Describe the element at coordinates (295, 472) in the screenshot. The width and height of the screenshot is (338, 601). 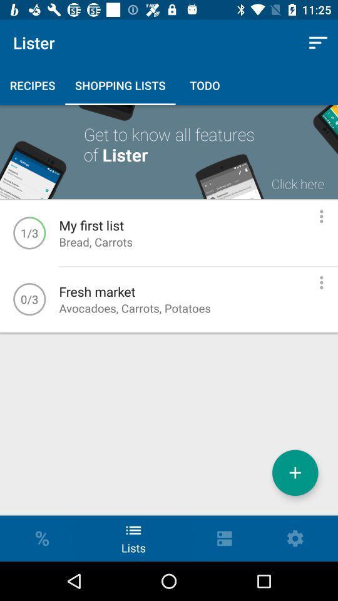
I see `a shopping list` at that location.